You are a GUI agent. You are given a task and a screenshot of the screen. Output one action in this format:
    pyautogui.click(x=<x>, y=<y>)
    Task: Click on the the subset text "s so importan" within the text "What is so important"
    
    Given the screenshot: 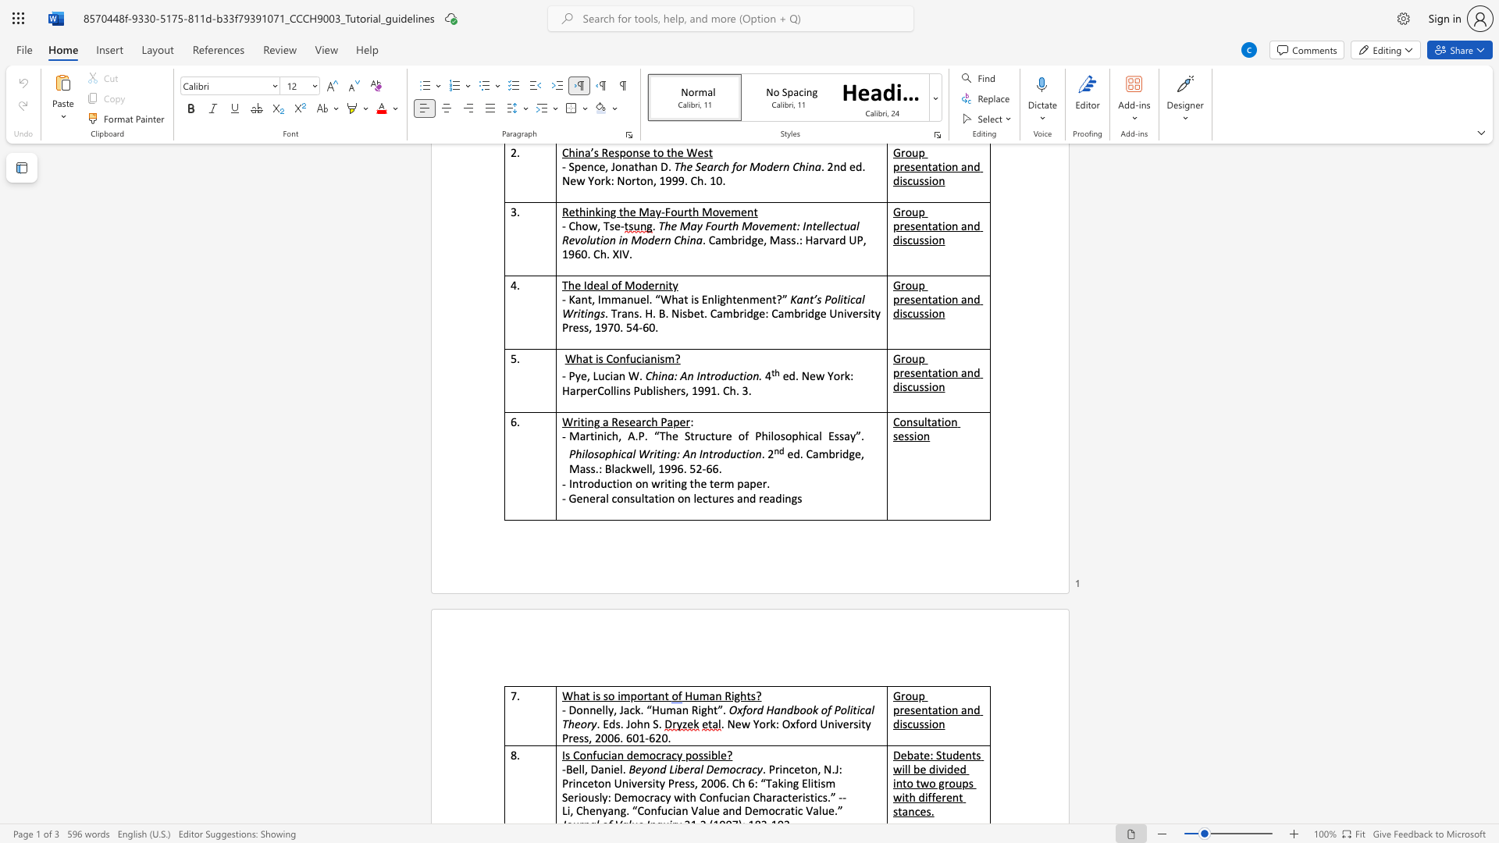 What is the action you would take?
    pyautogui.click(x=595, y=695)
    